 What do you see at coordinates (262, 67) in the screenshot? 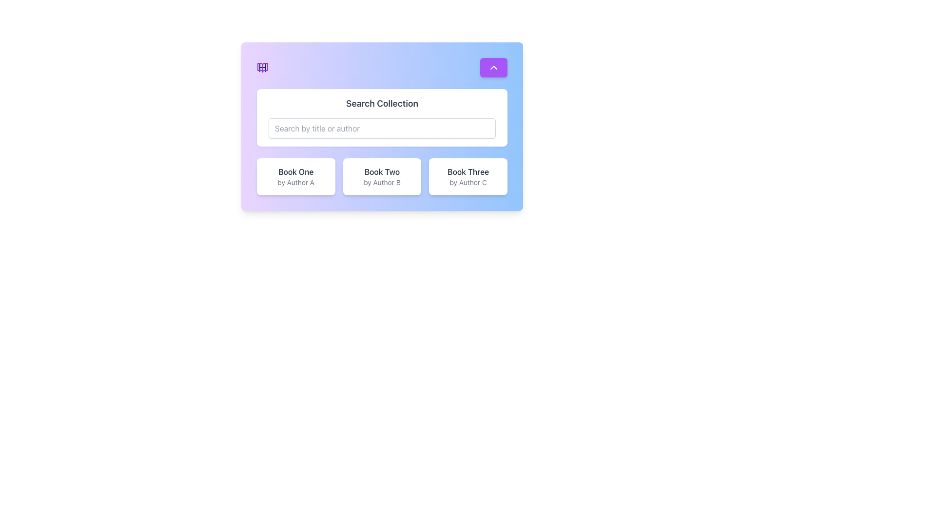
I see `the decorative Icon located slightly to the left of the 'Library Explorer' text in the heading section` at bounding box center [262, 67].